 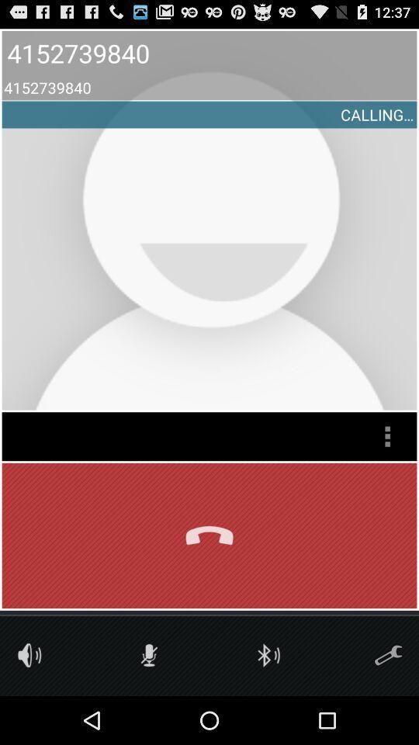 What do you see at coordinates (149, 654) in the screenshot?
I see `mute` at bounding box center [149, 654].